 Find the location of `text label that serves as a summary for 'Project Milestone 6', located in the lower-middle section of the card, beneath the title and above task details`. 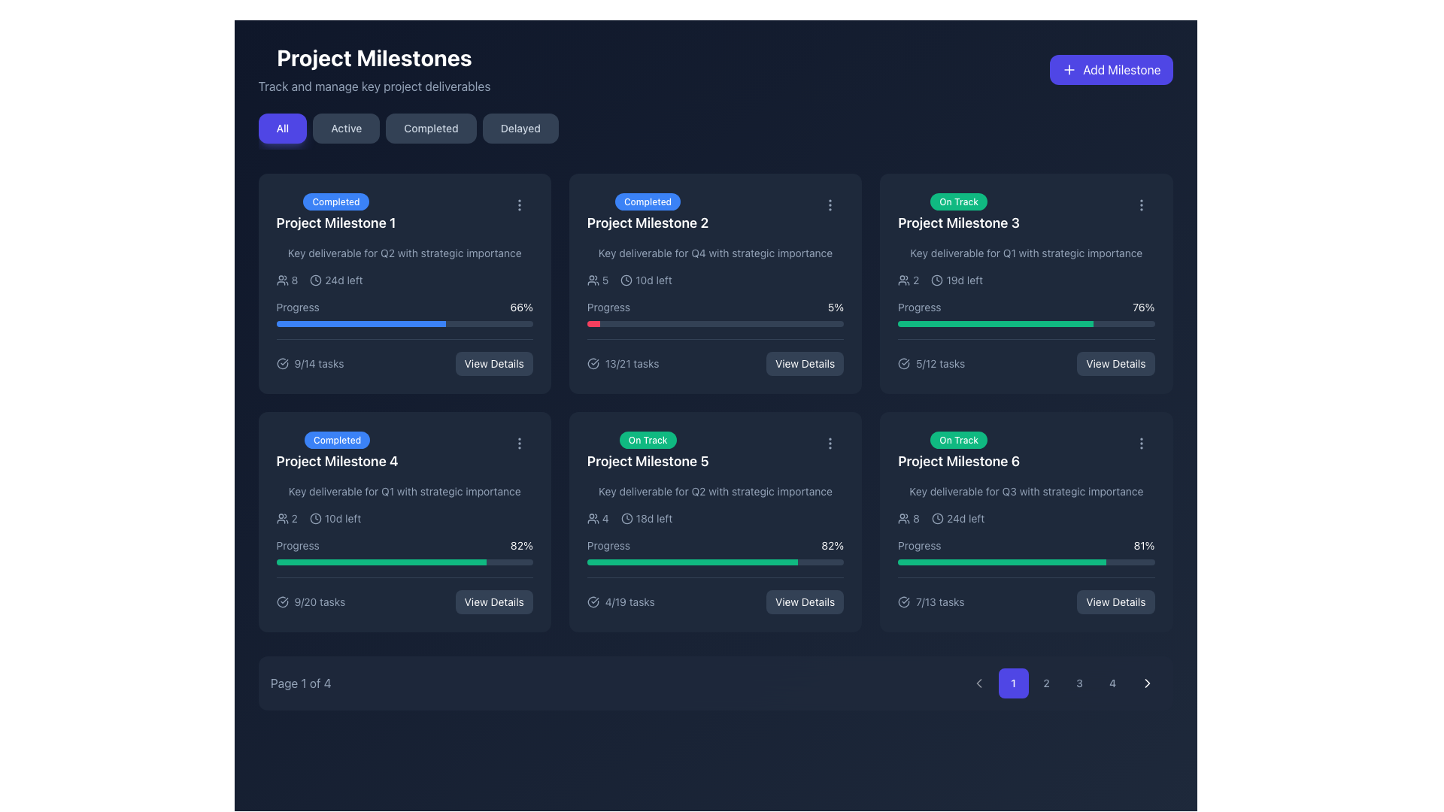

text label that serves as a summary for 'Project Milestone 6', located in the lower-middle section of the card, beneath the title and above task details is located at coordinates (1025, 492).